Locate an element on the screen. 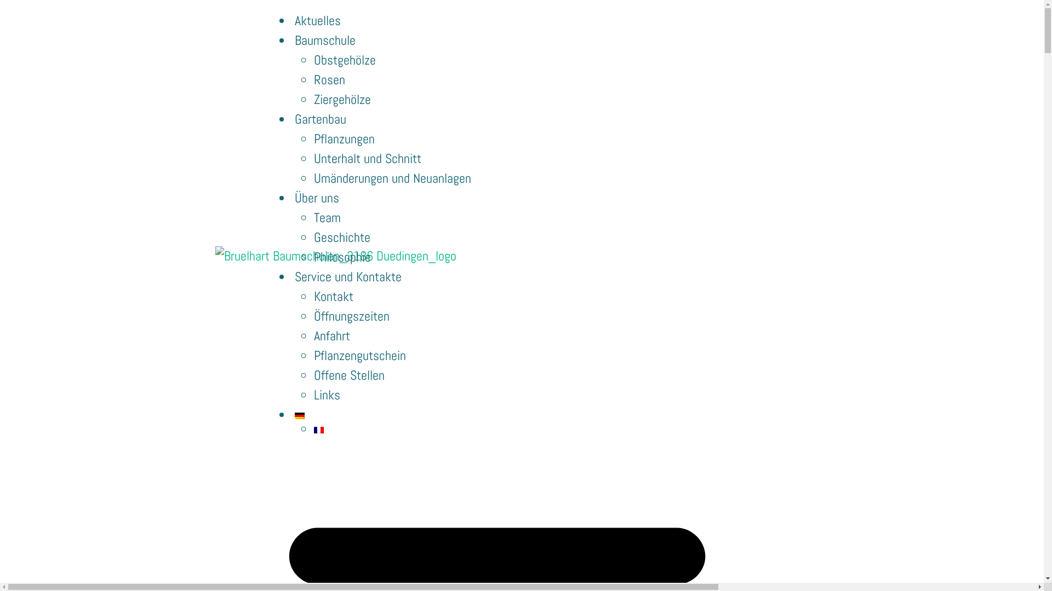  'Rosen' is located at coordinates (329, 79).